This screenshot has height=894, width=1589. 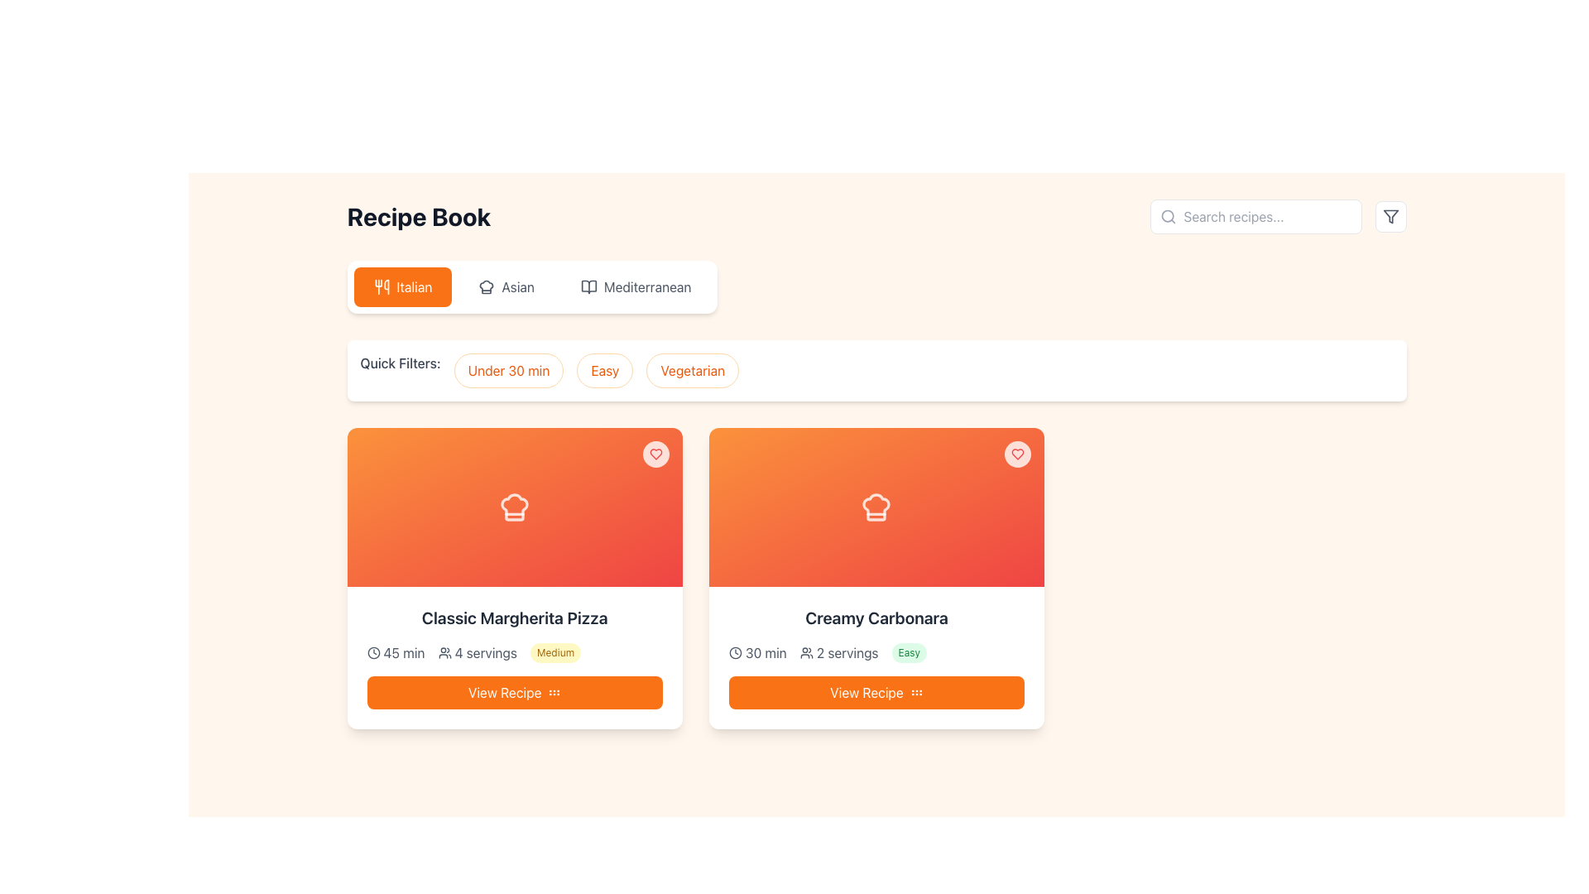 I want to click on the text with icon that provides information about the estimated time required for the recipe in the top-left corner of the lower section of the recipe card for 'Creamy Carbonara', so click(x=756, y=652).